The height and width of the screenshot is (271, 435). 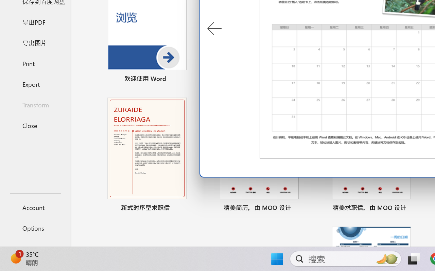 What do you see at coordinates (35, 228) in the screenshot?
I see `'Options'` at bounding box center [35, 228].